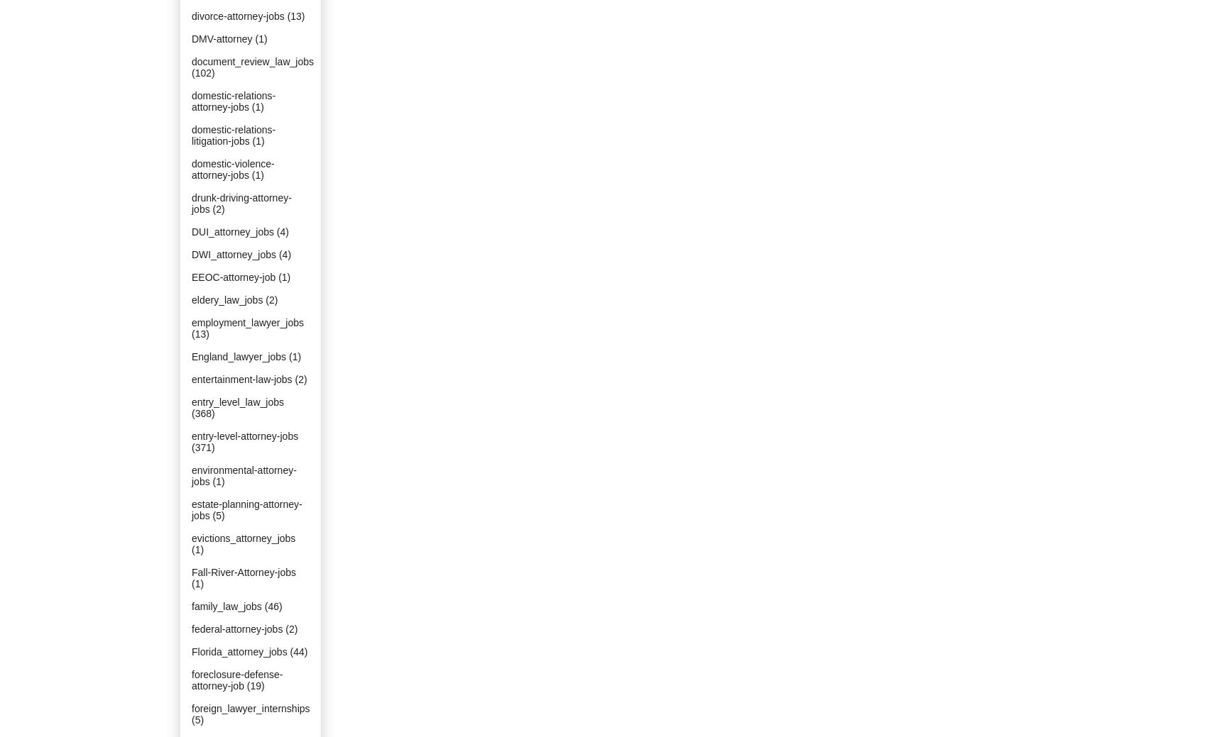  Describe the element at coordinates (202, 413) in the screenshot. I see `'(368)'` at that location.